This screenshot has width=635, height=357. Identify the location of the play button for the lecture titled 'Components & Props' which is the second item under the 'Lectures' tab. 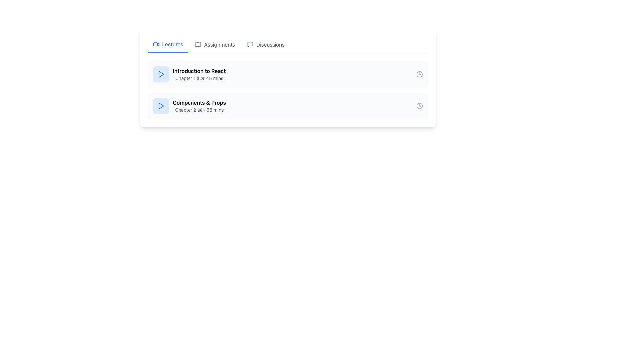
(189, 105).